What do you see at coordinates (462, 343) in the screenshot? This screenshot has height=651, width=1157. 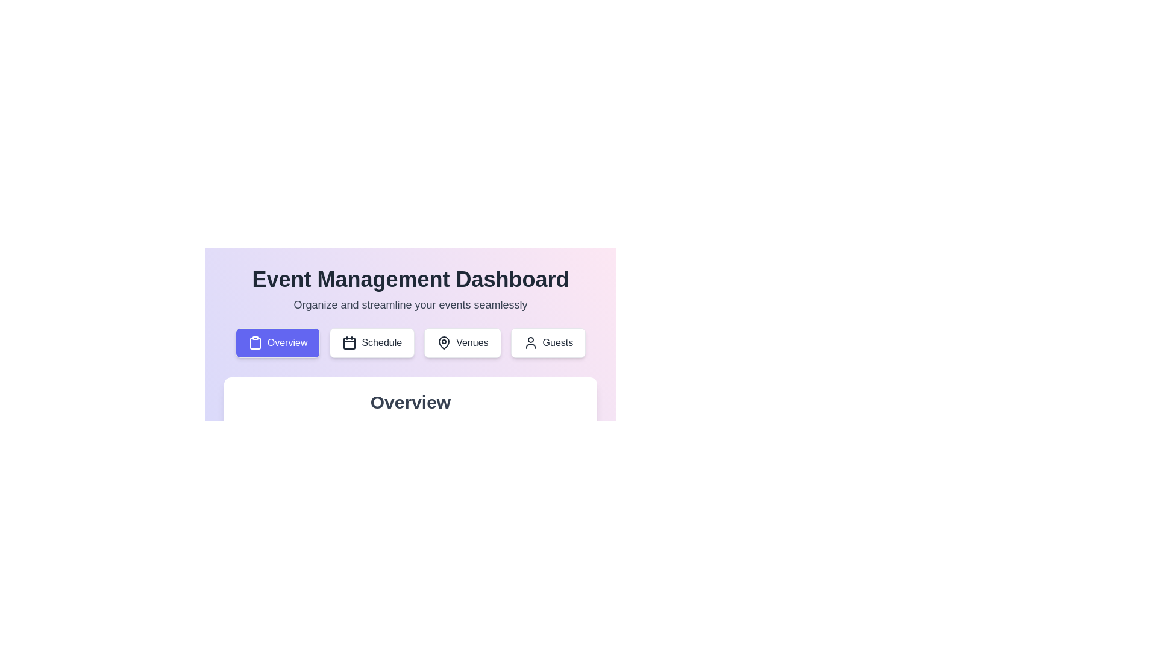 I see `the Venues tab by clicking on its button` at bounding box center [462, 343].